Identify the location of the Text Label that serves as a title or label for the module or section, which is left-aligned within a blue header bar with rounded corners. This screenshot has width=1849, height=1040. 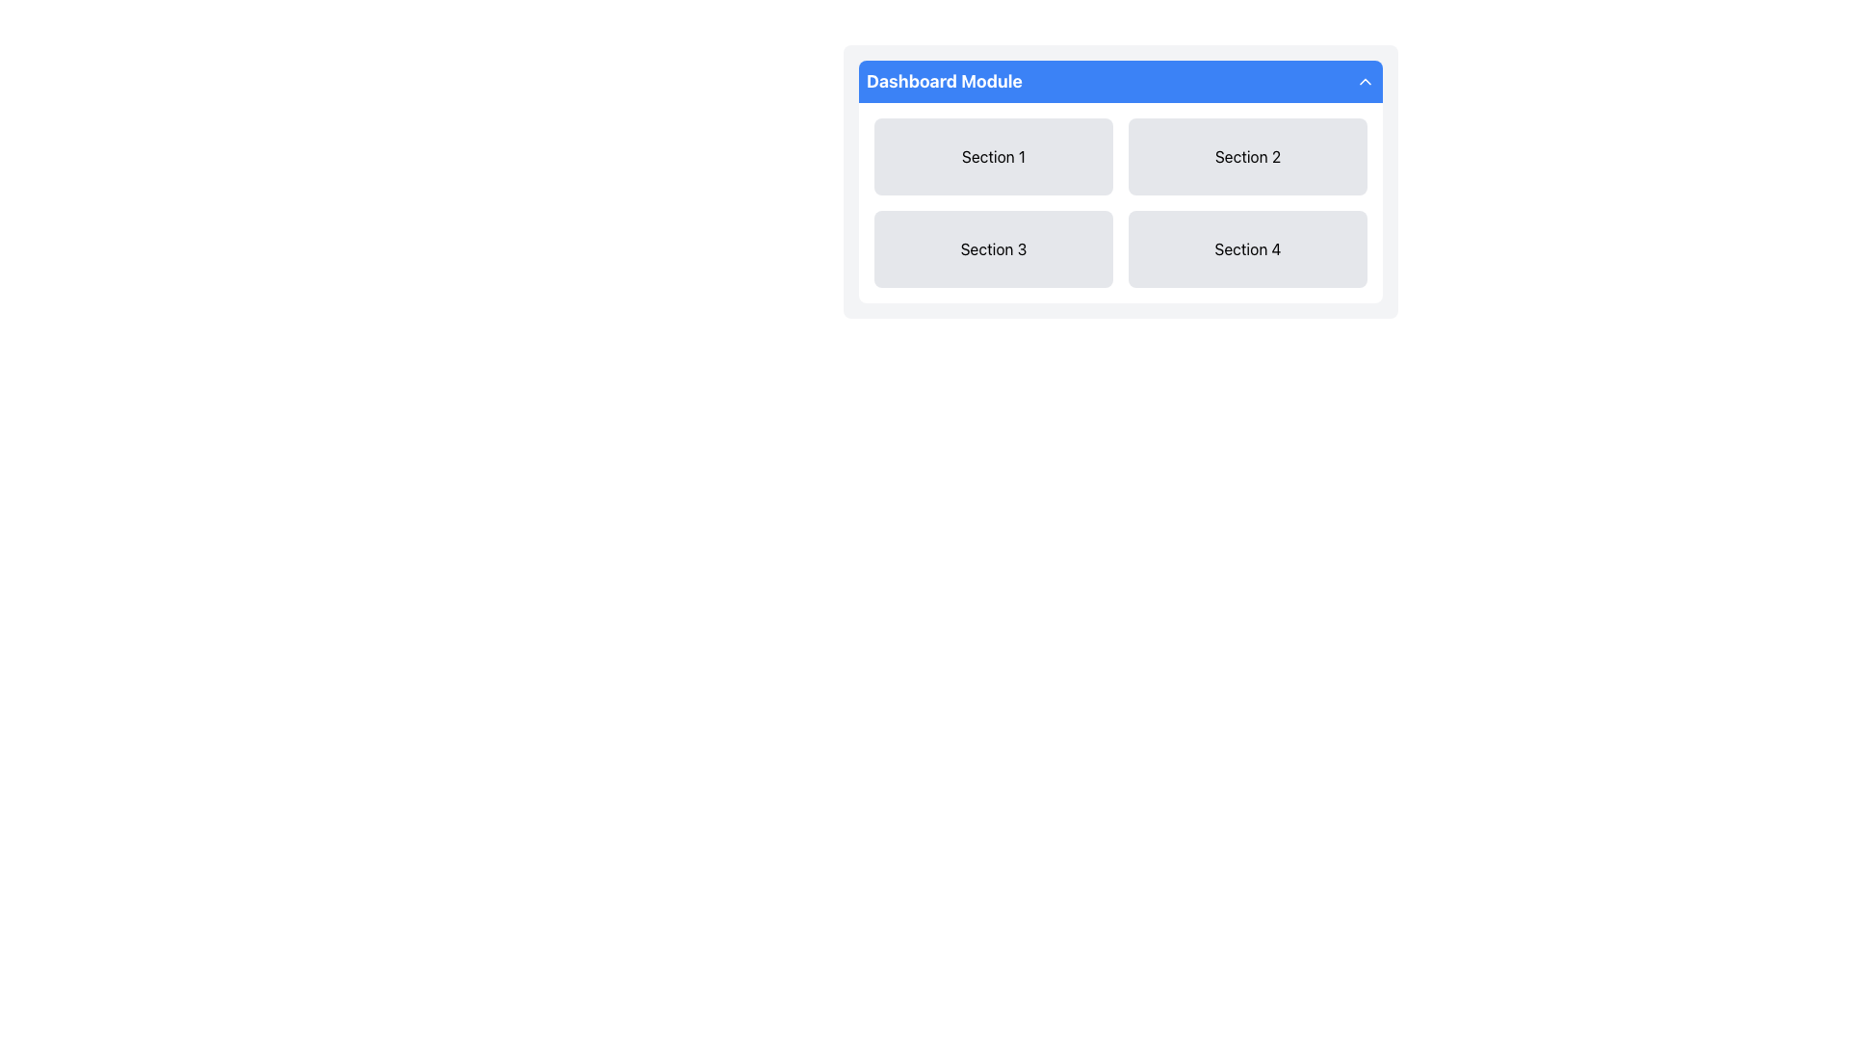
(944, 80).